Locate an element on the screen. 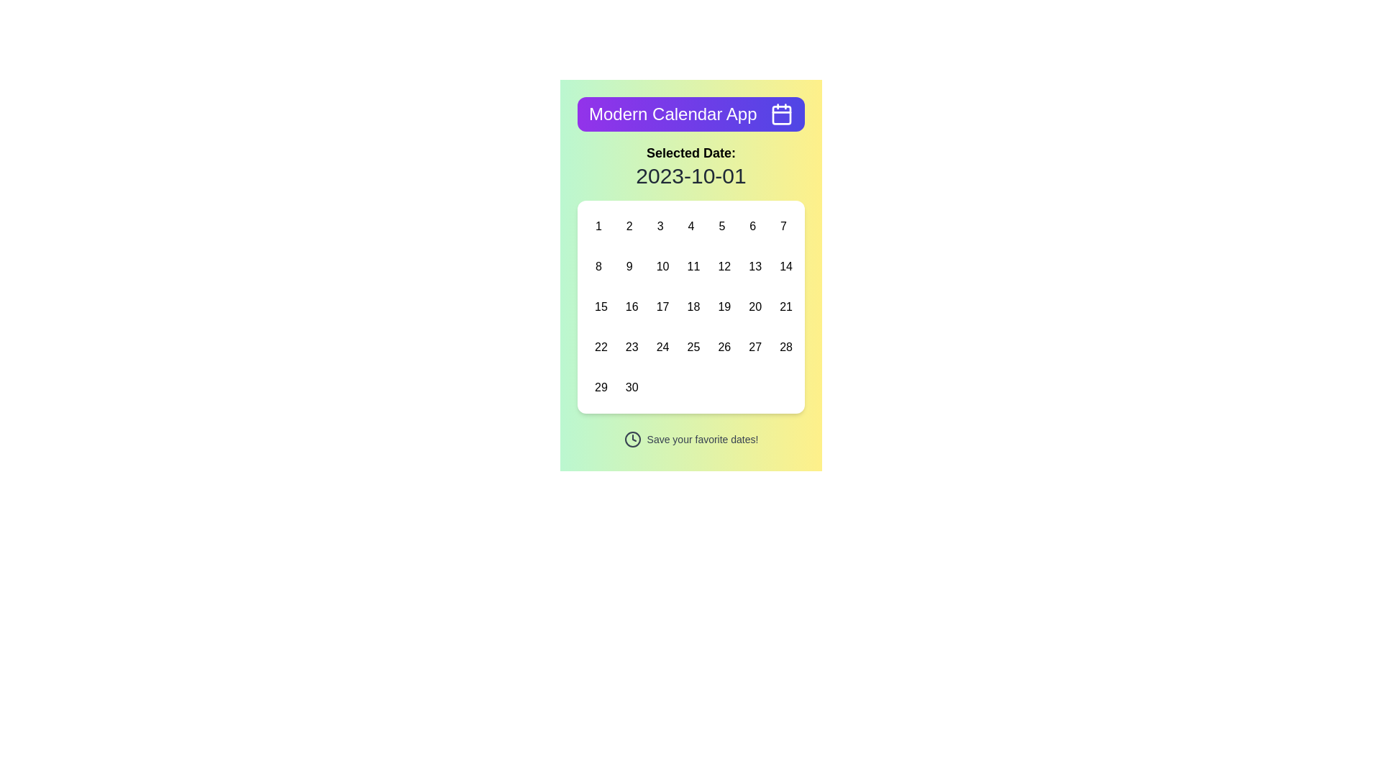 This screenshot has width=1381, height=777. the calendar date button displaying the number '13' is located at coordinates (752, 266).